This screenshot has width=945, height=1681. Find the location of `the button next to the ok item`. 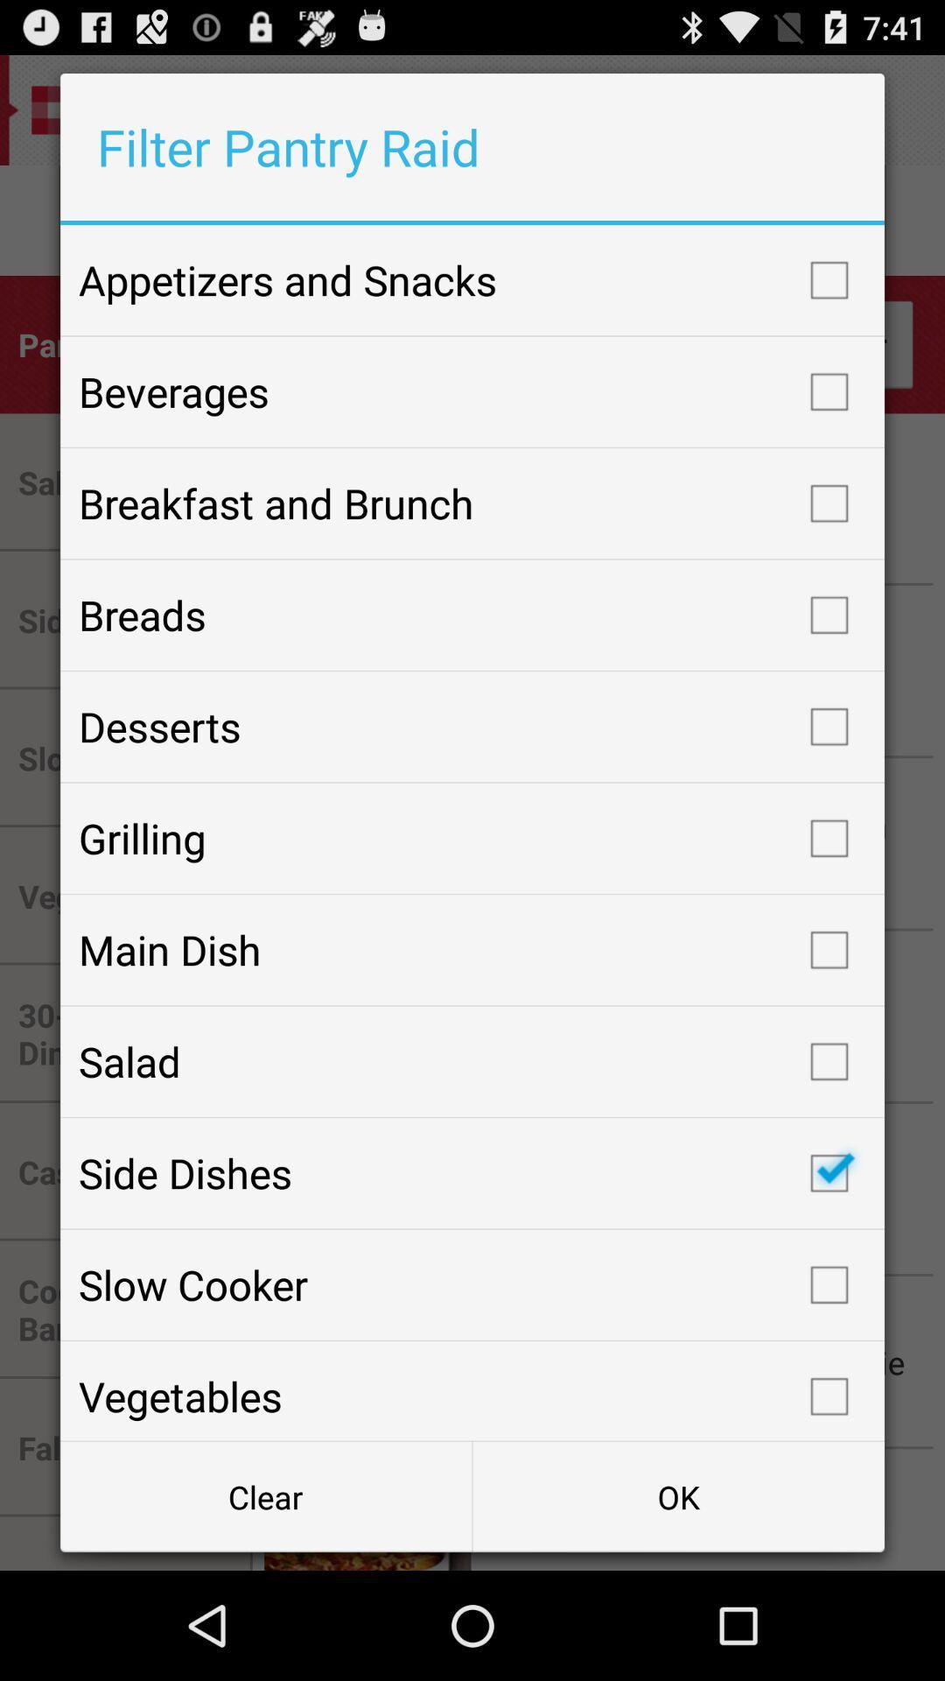

the button next to the ok item is located at coordinates (266, 1495).